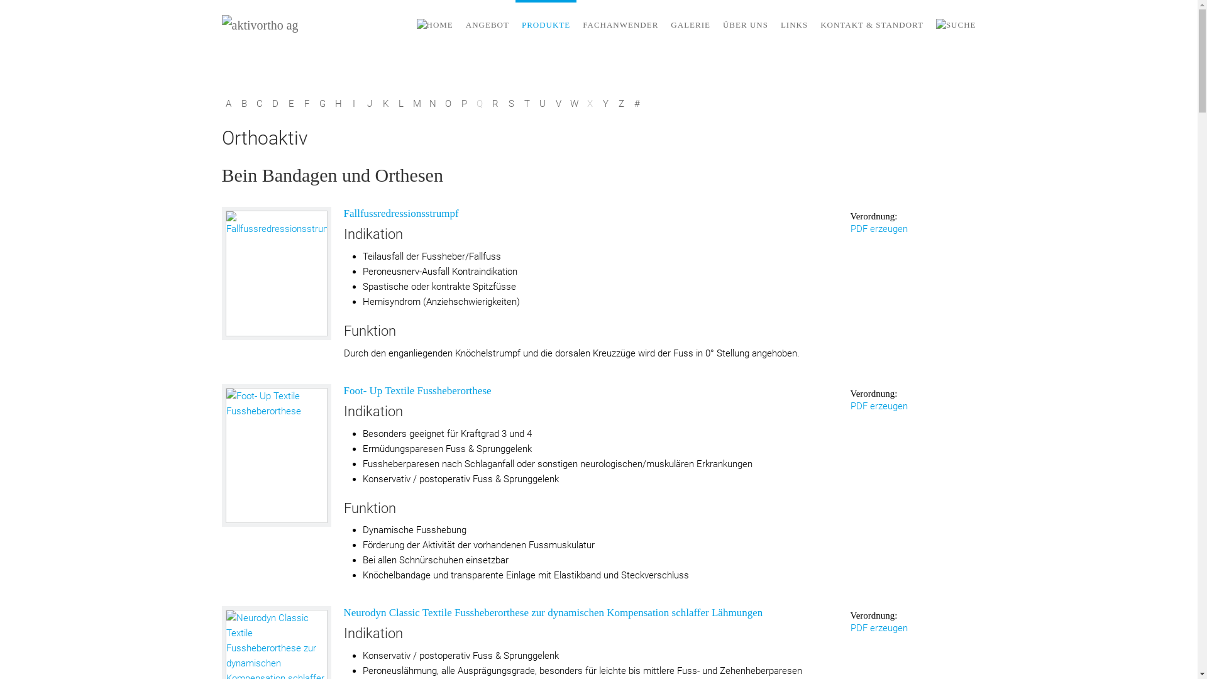  Describe the element at coordinates (575, 25) in the screenshot. I see `'FACHANWENDER'` at that location.